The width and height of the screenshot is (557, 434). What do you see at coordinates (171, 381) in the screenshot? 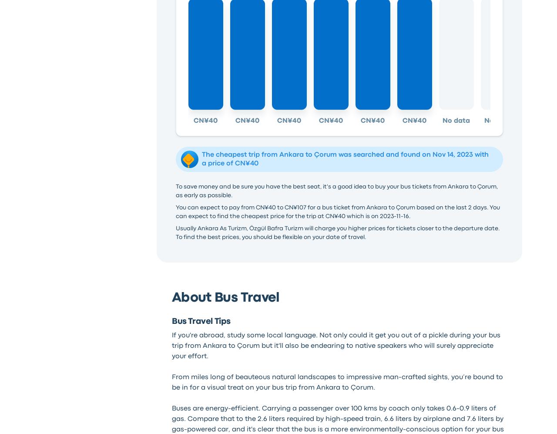
I see `'From miles long of beauteous natural landscapes to impressive man-crafted sights, you’re bound to be in for a visual treat on your bus trip from Ankara to Çorum.'` at bounding box center [171, 381].